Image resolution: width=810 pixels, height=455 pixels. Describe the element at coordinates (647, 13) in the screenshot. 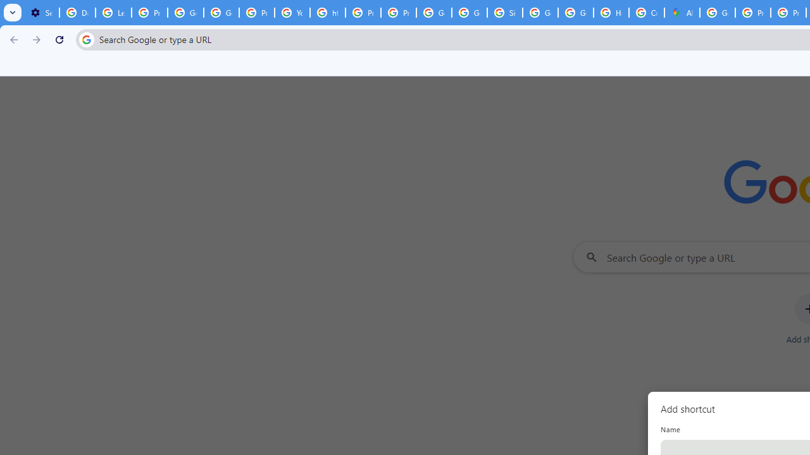

I see `'Create your Google Account'` at that location.